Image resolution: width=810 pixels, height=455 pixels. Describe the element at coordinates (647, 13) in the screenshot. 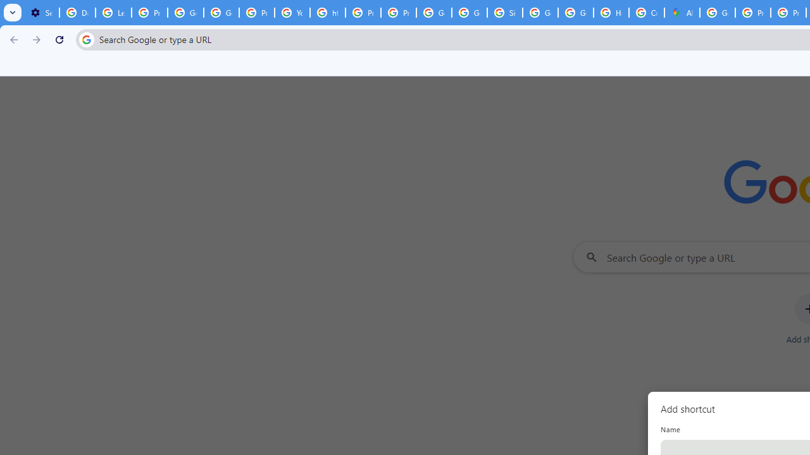

I see `'Create your Google Account'` at that location.